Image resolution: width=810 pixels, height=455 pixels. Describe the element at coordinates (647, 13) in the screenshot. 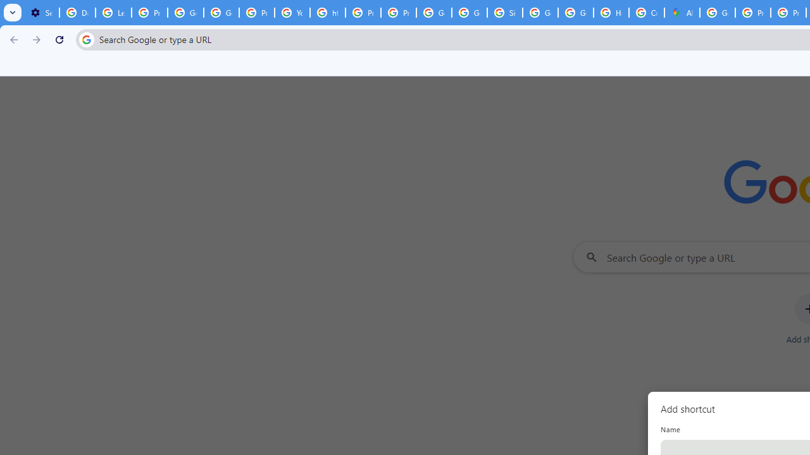

I see `'Create your Google Account'` at that location.